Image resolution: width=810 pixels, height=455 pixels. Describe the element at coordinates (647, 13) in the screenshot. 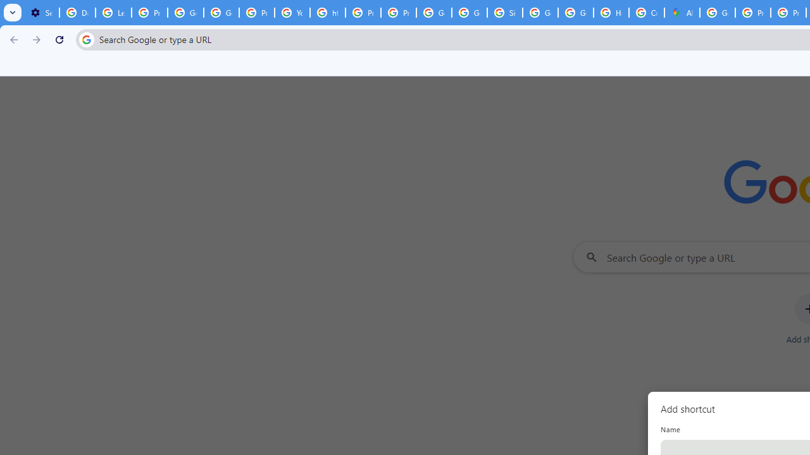

I see `'Create your Google Account'` at that location.